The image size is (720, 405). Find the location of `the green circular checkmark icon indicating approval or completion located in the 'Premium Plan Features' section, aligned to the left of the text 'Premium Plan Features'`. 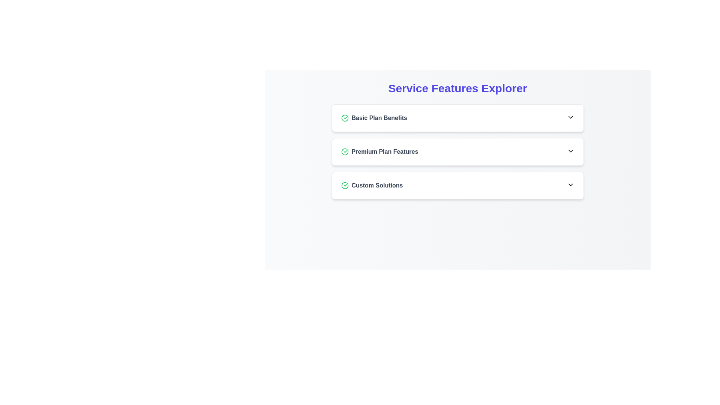

the green circular checkmark icon indicating approval or completion located in the 'Premium Plan Features' section, aligned to the left of the text 'Premium Plan Features' is located at coordinates (344, 152).